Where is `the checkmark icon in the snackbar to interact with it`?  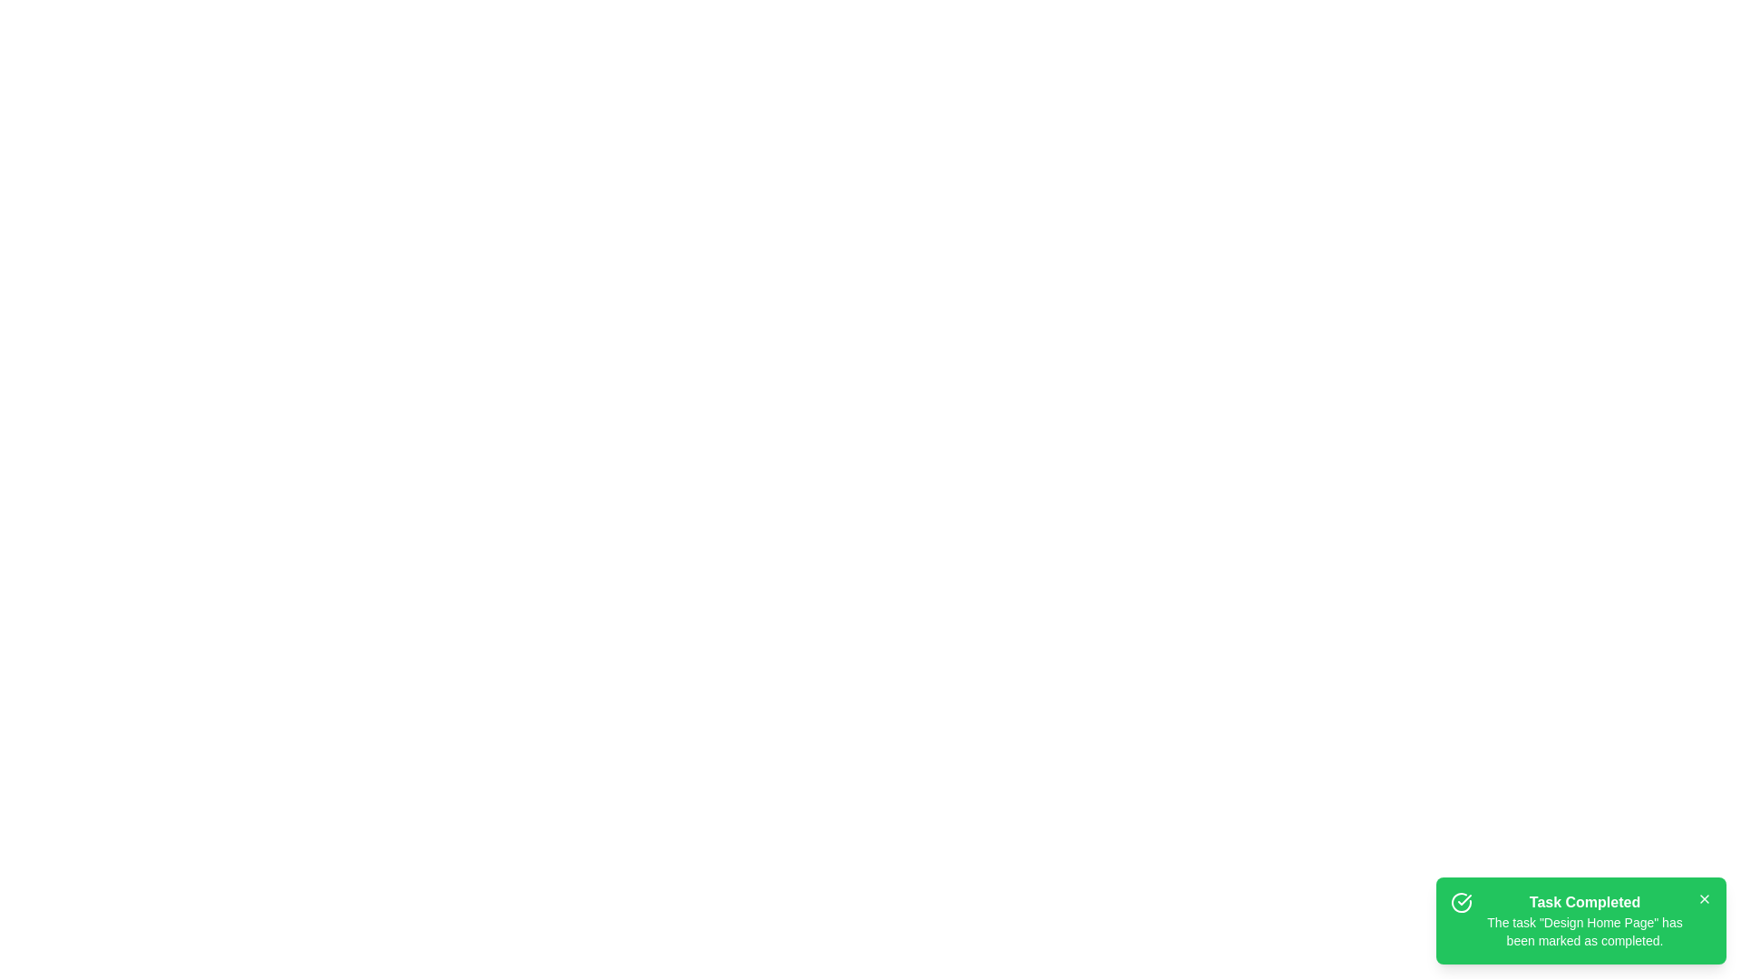
the checkmark icon in the snackbar to interact with it is located at coordinates (1462, 902).